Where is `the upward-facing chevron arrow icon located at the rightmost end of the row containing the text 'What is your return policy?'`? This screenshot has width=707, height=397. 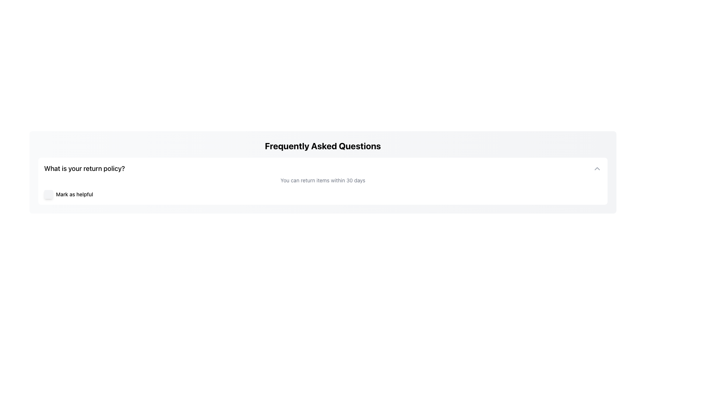 the upward-facing chevron arrow icon located at the rightmost end of the row containing the text 'What is your return policy?' is located at coordinates (597, 169).